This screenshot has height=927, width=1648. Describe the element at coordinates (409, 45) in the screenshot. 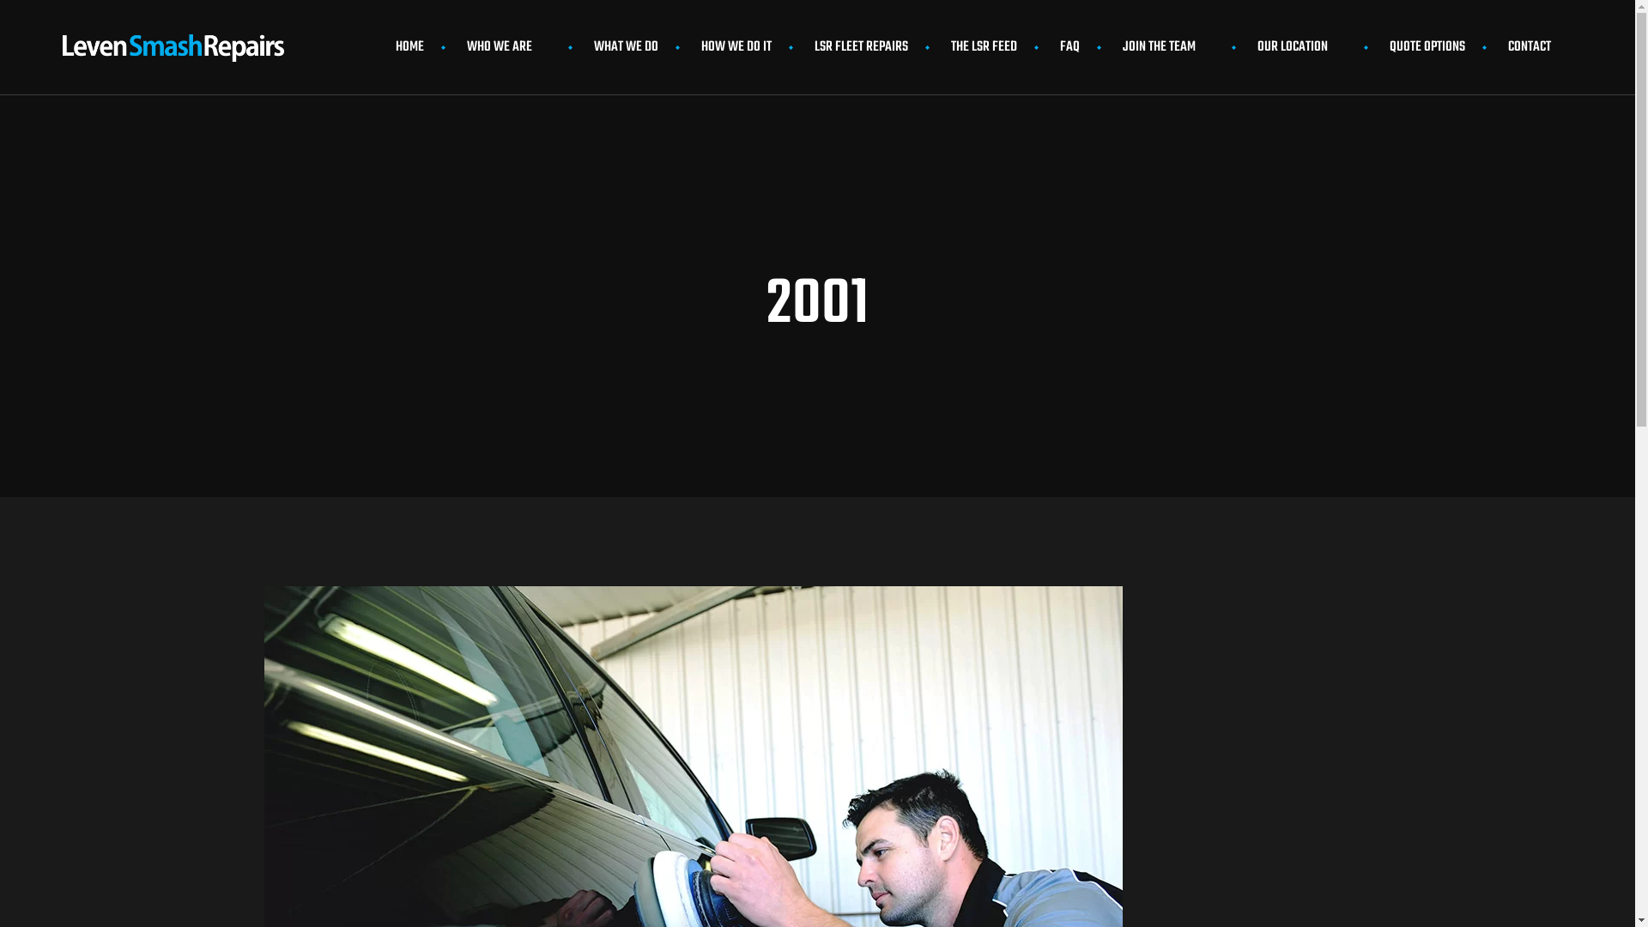

I see `'HOME'` at that location.